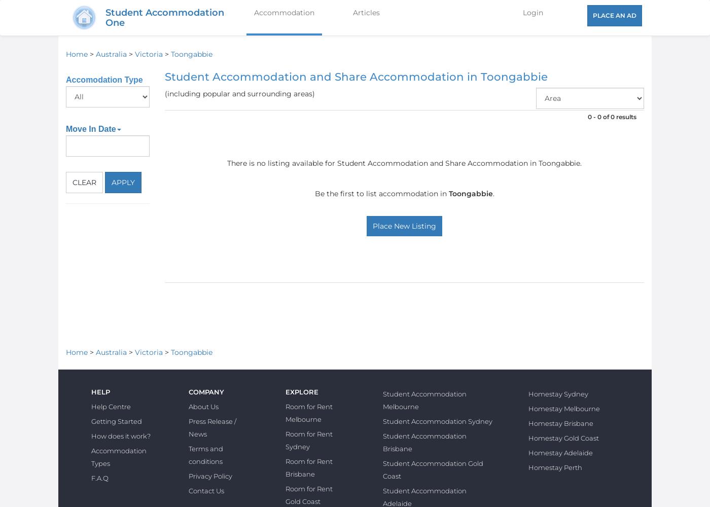  Describe the element at coordinates (309, 440) in the screenshot. I see `'Room for Rent Sydney'` at that location.